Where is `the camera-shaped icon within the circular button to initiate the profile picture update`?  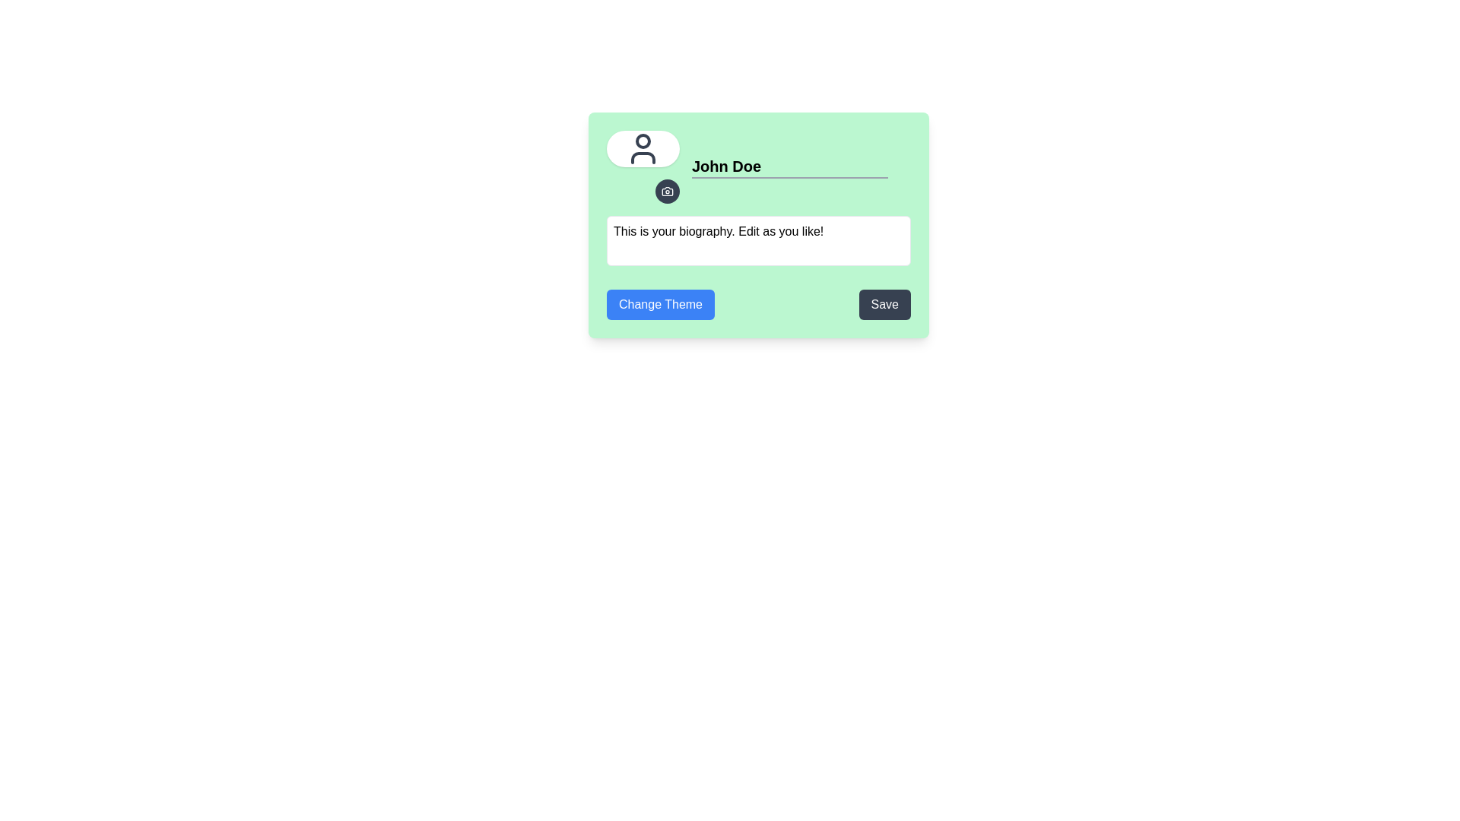
the camera-shaped icon within the circular button to initiate the profile picture update is located at coordinates (668, 190).